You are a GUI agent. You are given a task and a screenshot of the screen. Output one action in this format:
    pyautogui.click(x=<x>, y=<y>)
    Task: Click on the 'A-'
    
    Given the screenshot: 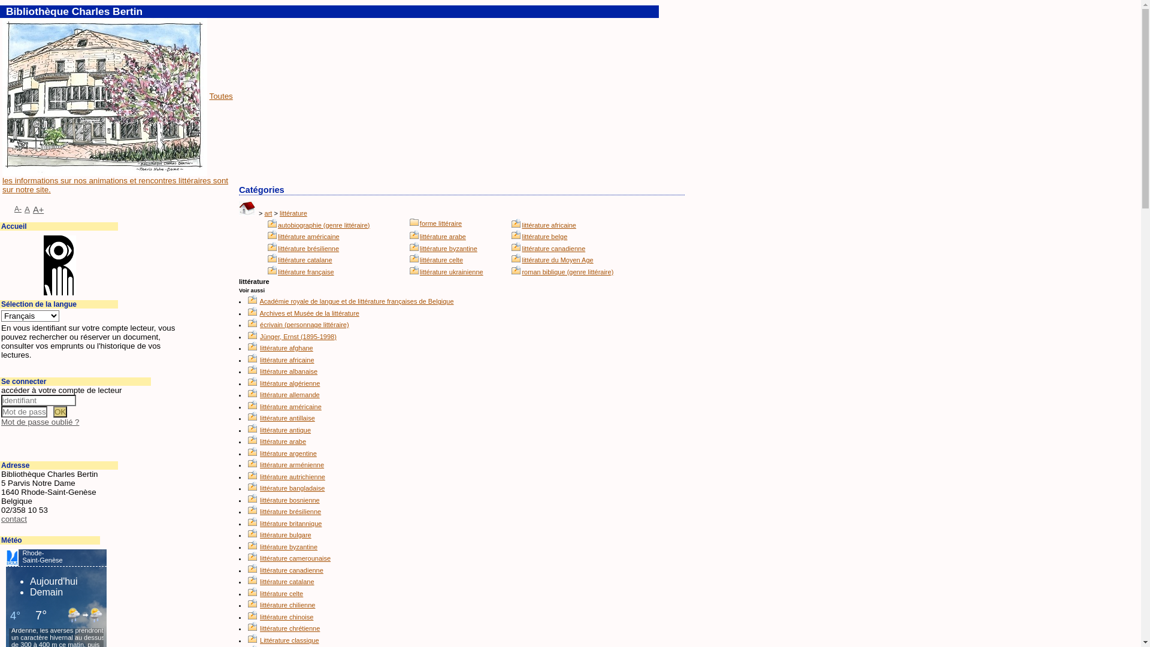 What is the action you would take?
    pyautogui.click(x=14, y=208)
    